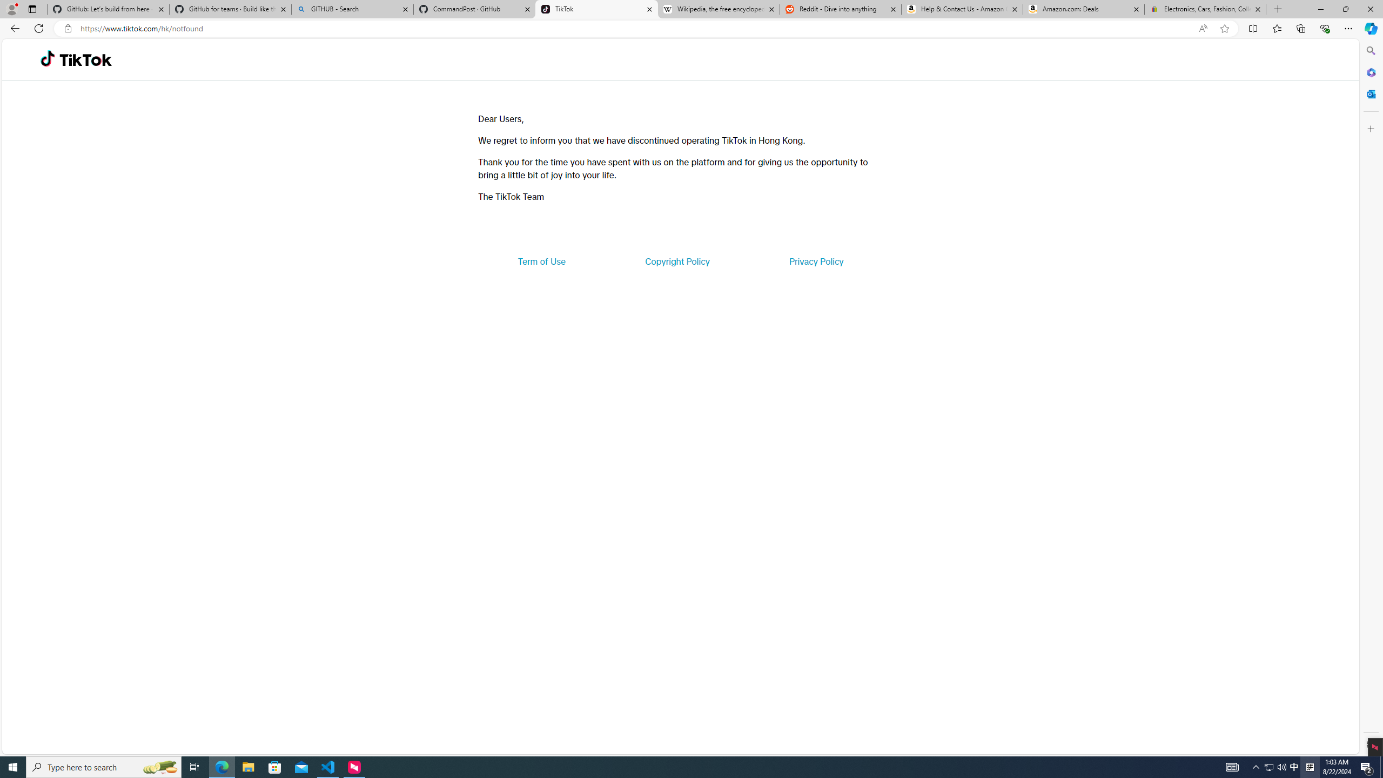 The image size is (1383, 778). What do you see at coordinates (352, 9) in the screenshot?
I see `'GITHUB - Search'` at bounding box center [352, 9].